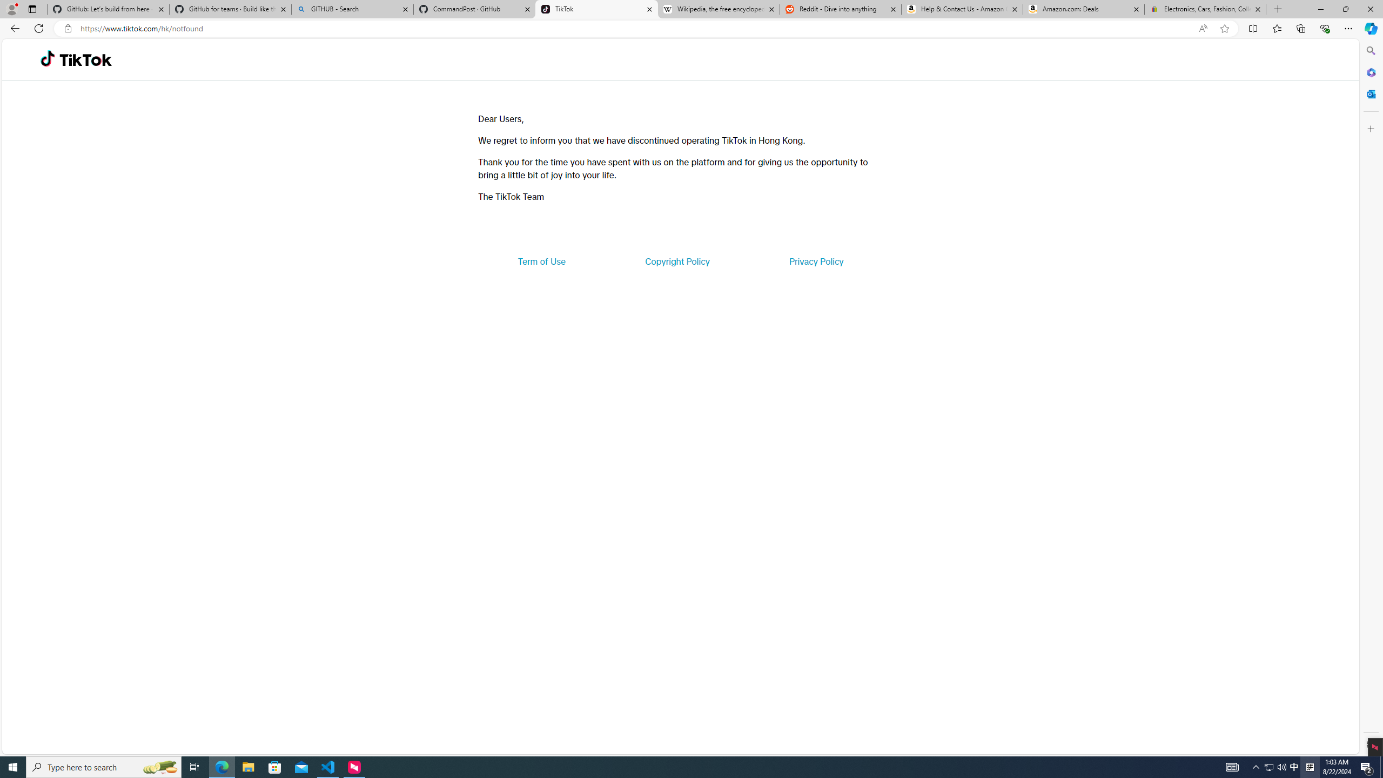 The image size is (1383, 778). What do you see at coordinates (352, 9) in the screenshot?
I see `'GITHUB - Search'` at bounding box center [352, 9].